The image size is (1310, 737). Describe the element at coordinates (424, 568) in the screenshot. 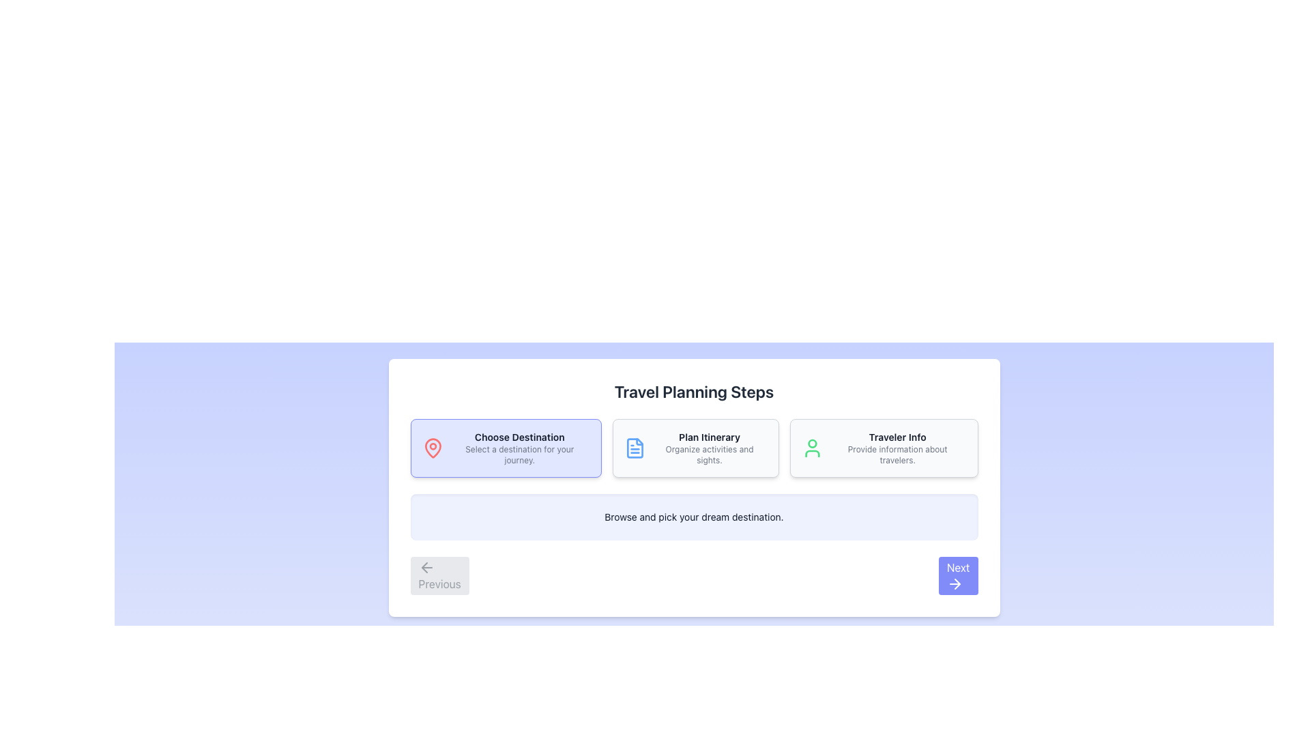

I see `the left-pointing arrow icon in the 'Previous' button located in the bottom-left corner of the user interface` at that location.